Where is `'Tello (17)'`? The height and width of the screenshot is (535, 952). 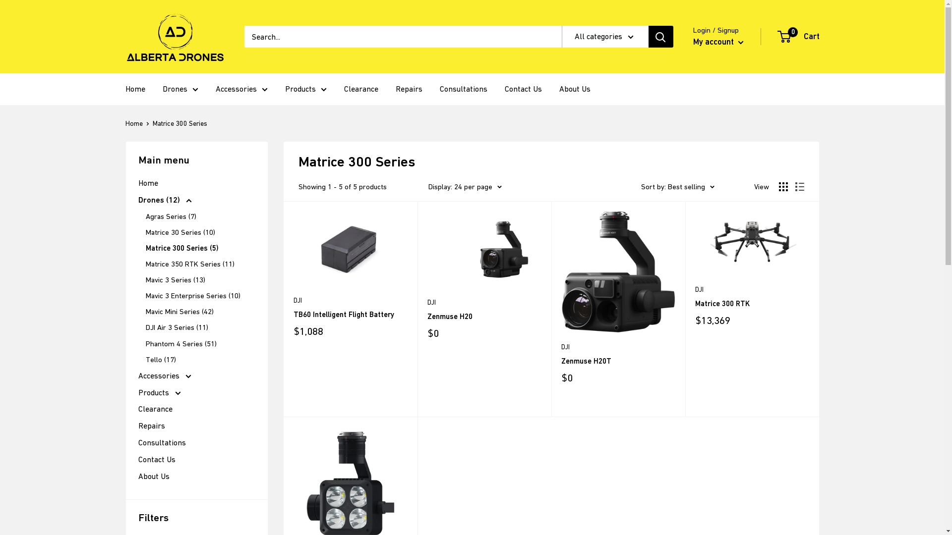 'Tello (17)' is located at coordinates (145, 359).